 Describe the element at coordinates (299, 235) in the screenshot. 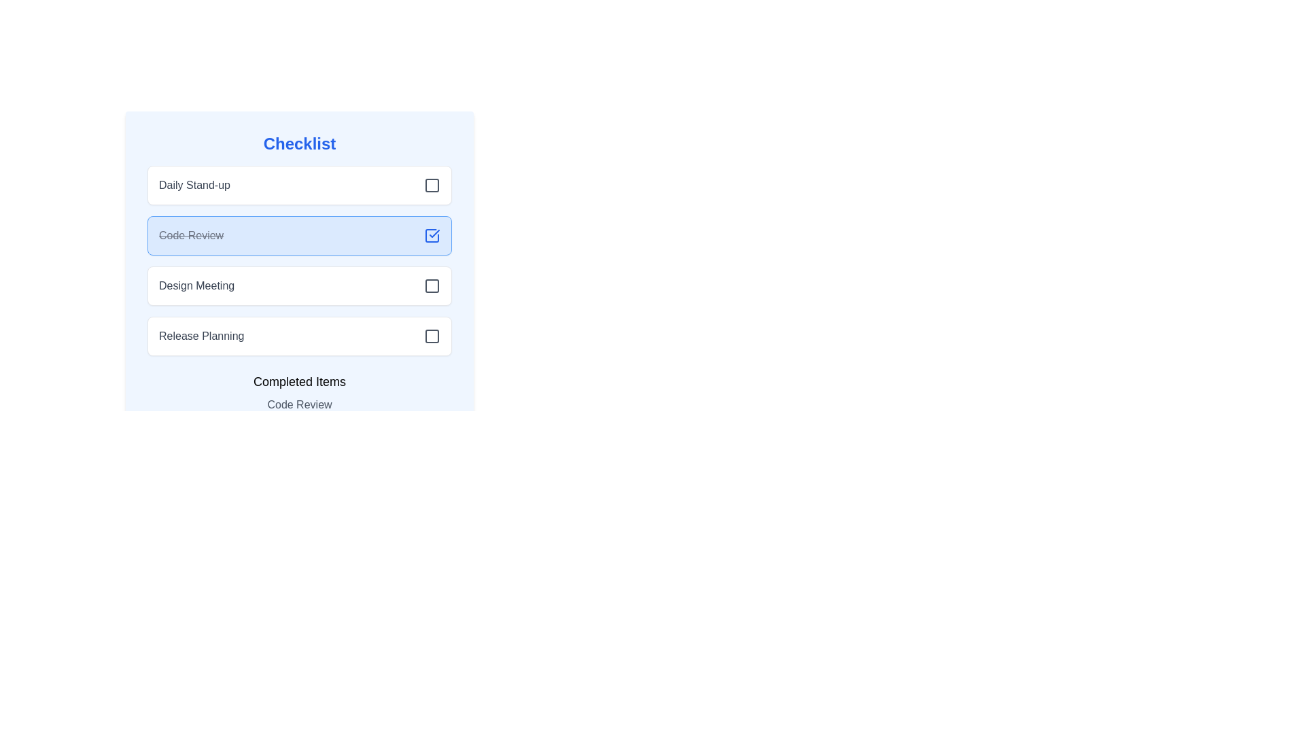

I see `the clickable list item labeled 'Code Review' with a status indicator, which is styled with a light blue background and a checkmark, indicating the task is completed` at that location.